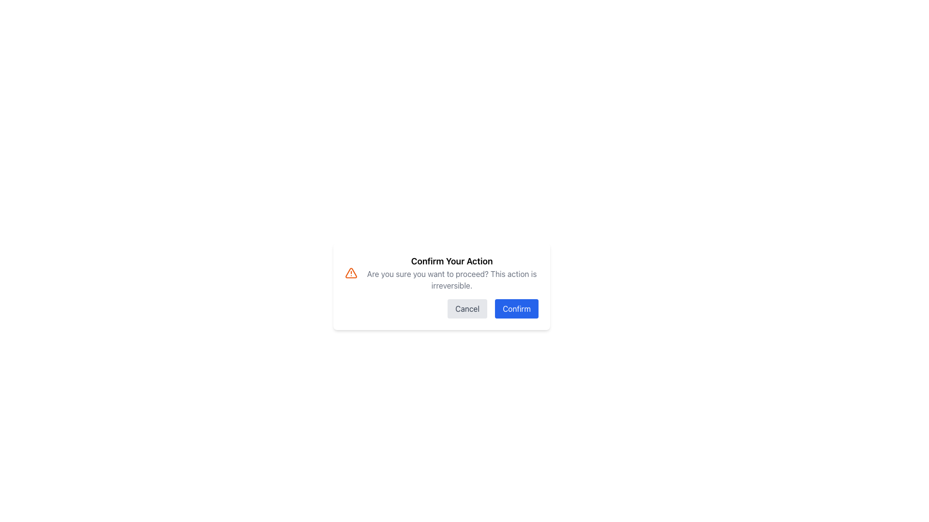 This screenshot has width=929, height=522. I want to click on the 'Cancel' button located in the bottom section of the confirmation dialog, which is the first button on the right-aligned button group, so click(467, 309).